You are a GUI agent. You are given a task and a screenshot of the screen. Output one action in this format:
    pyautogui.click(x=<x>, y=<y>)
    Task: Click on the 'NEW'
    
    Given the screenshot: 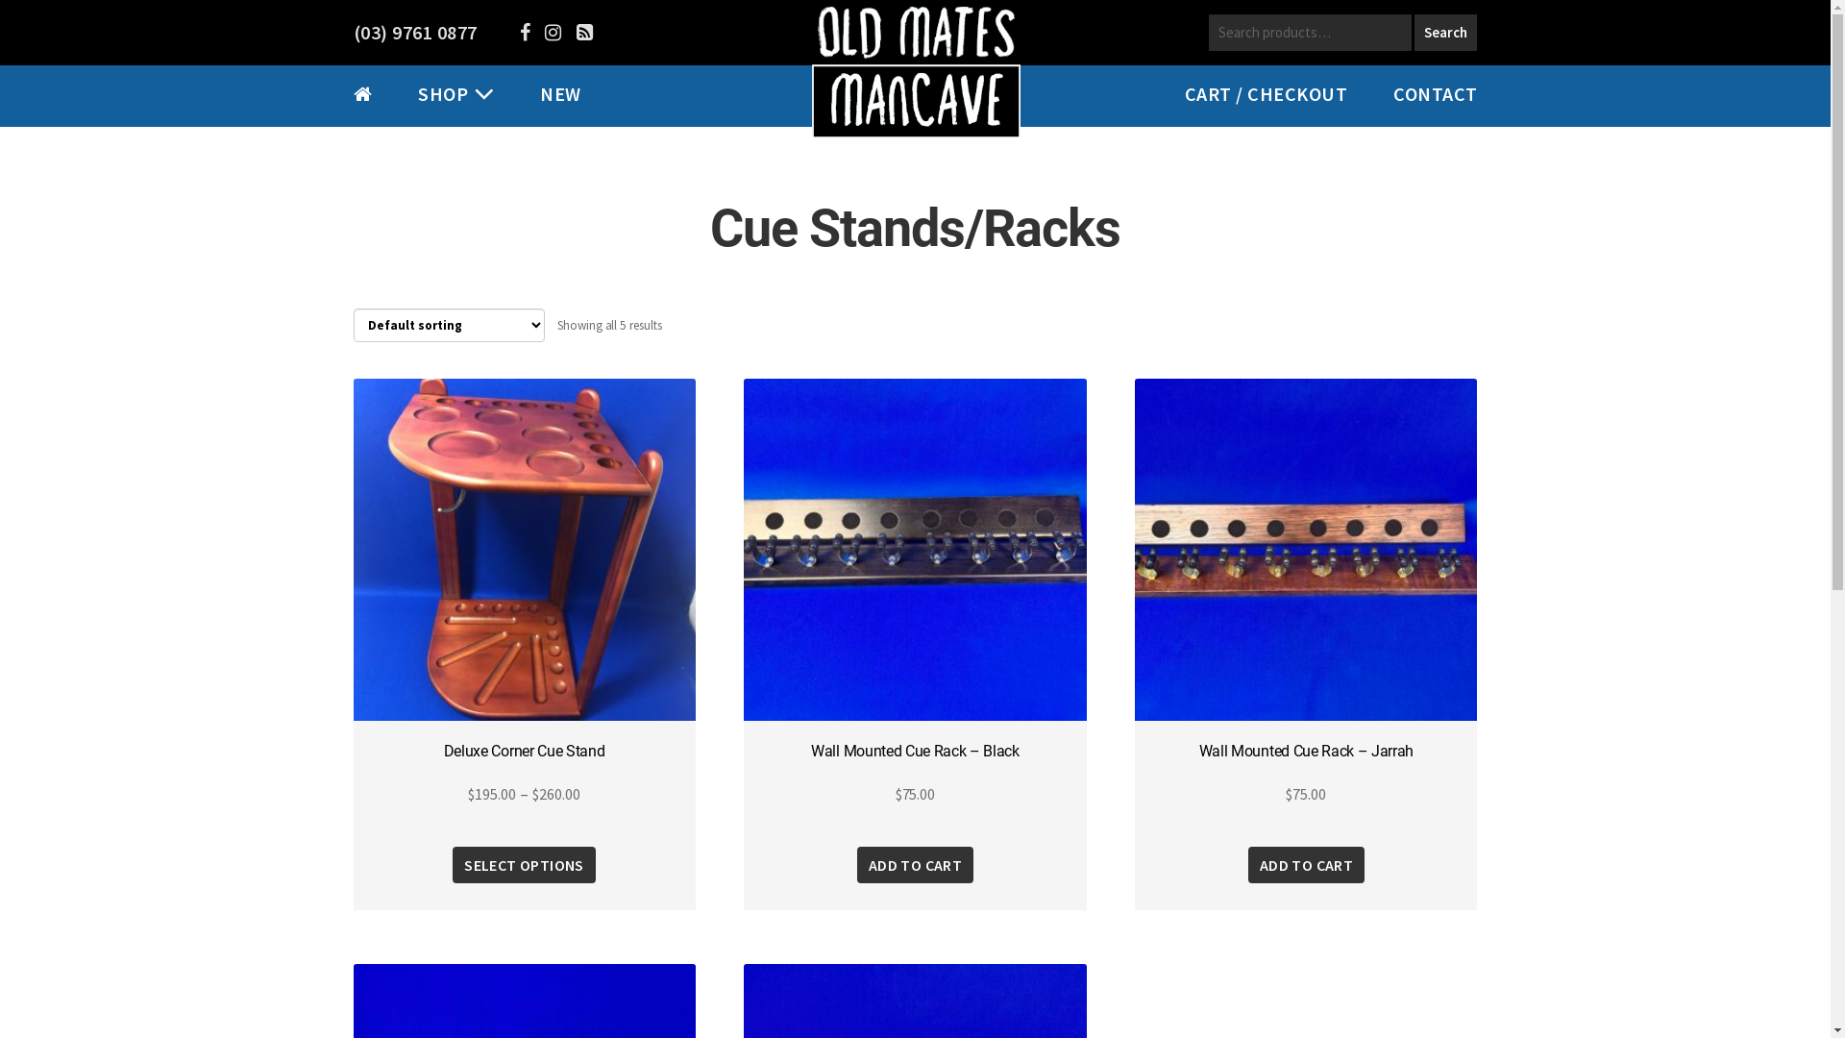 What is the action you would take?
    pyautogui.click(x=538, y=93)
    